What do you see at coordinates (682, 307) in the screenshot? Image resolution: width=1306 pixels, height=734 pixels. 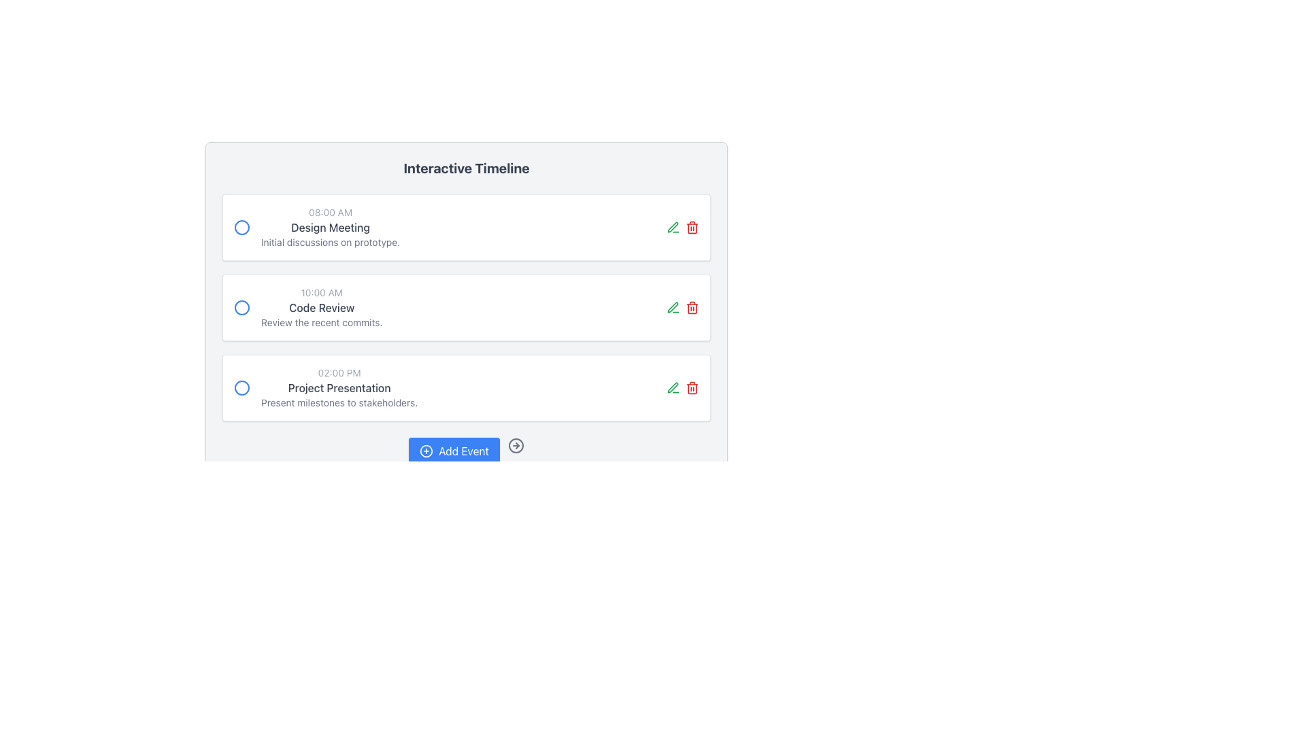 I see `the red trash bin icon in the cluster of interactive icons` at bounding box center [682, 307].